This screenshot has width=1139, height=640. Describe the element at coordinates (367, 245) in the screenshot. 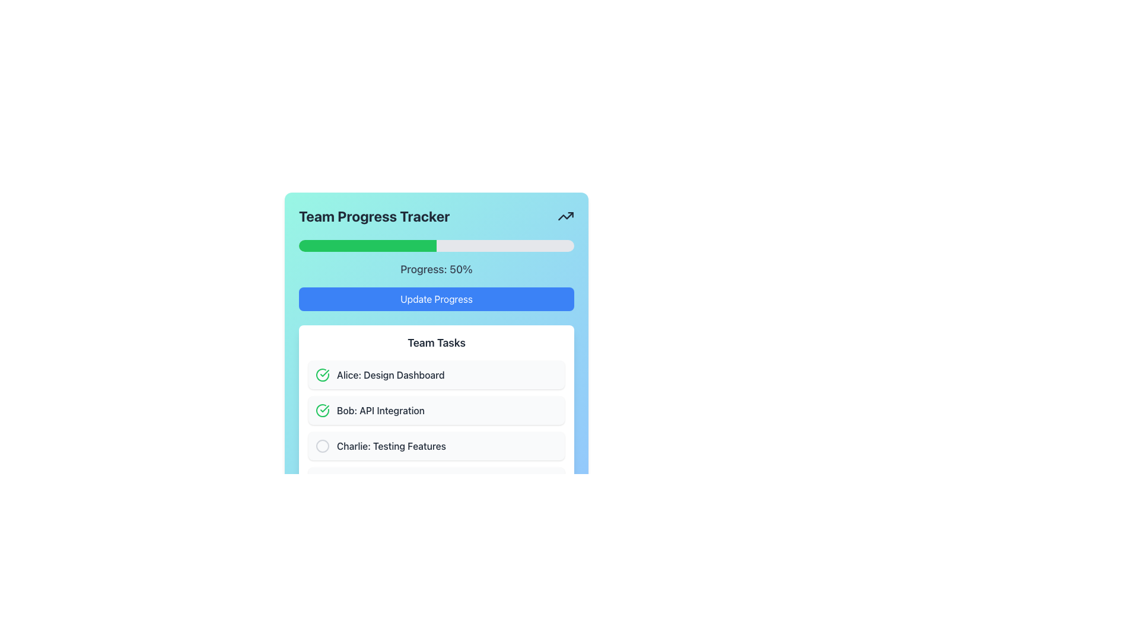

I see `the horizontal green Progress Indicator that is centered within the gray progress bar, located below the 'Team Progress Tracker' title and above the 'Progress: 50%' label` at that location.